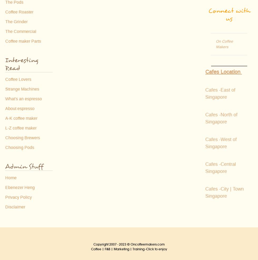  What do you see at coordinates (5, 147) in the screenshot?
I see `'Choosing Pods'` at bounding box center [5, 147].